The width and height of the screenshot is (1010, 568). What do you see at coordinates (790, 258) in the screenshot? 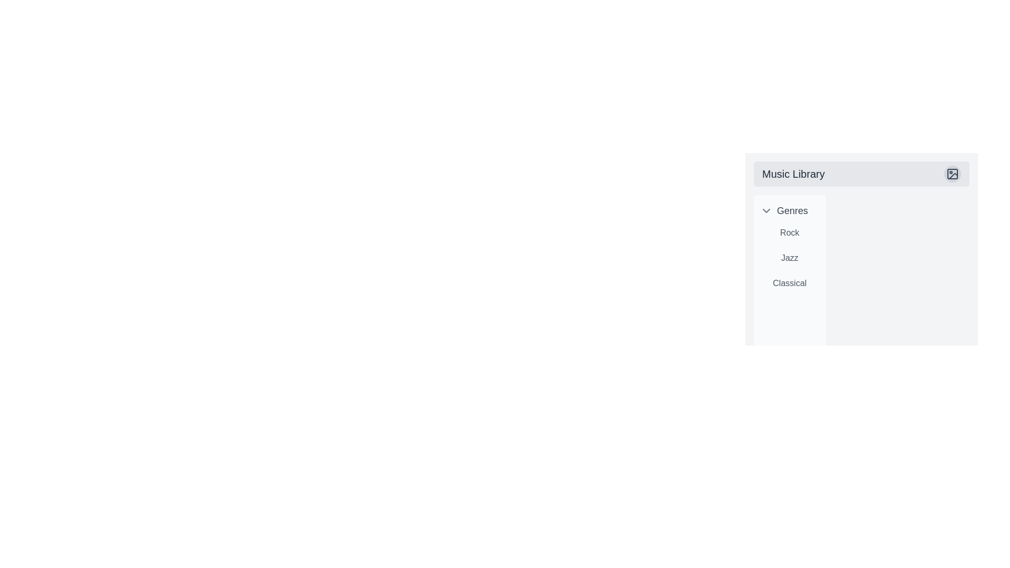
I see `the 'Jazz' genre link, which is the second option in the vertical list of music genres in the sidebar menu of the Music Library interface` at bounding box center [790, 258].